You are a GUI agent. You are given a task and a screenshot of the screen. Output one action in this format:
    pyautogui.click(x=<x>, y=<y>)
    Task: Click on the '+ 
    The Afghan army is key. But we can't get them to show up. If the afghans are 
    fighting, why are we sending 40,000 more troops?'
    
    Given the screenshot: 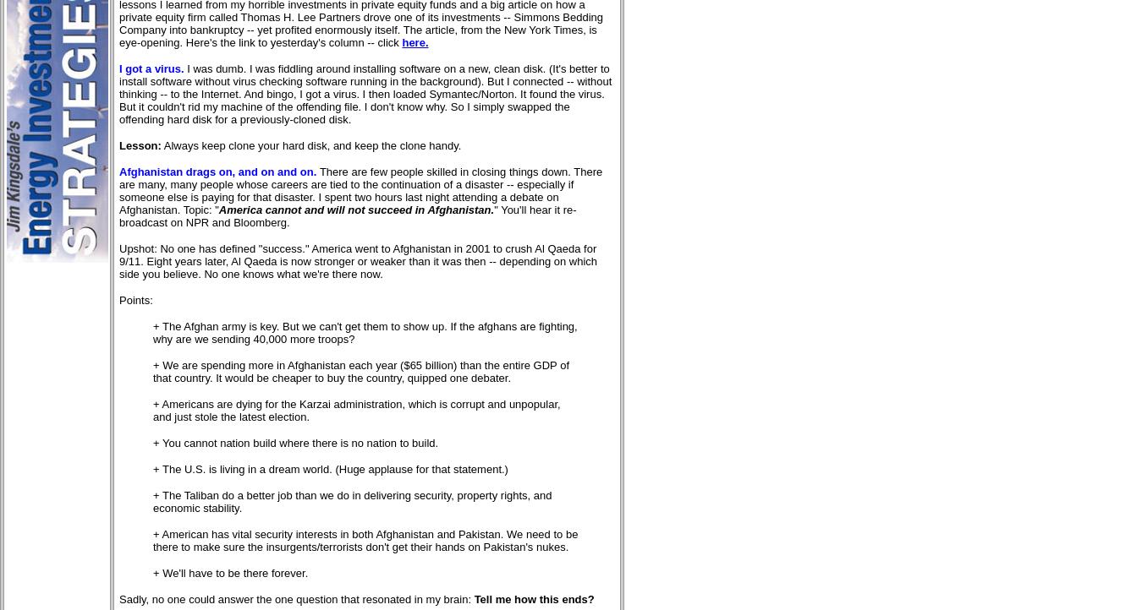 What is the action you would take?
    pyautogui.click(x=365, y=332)
    